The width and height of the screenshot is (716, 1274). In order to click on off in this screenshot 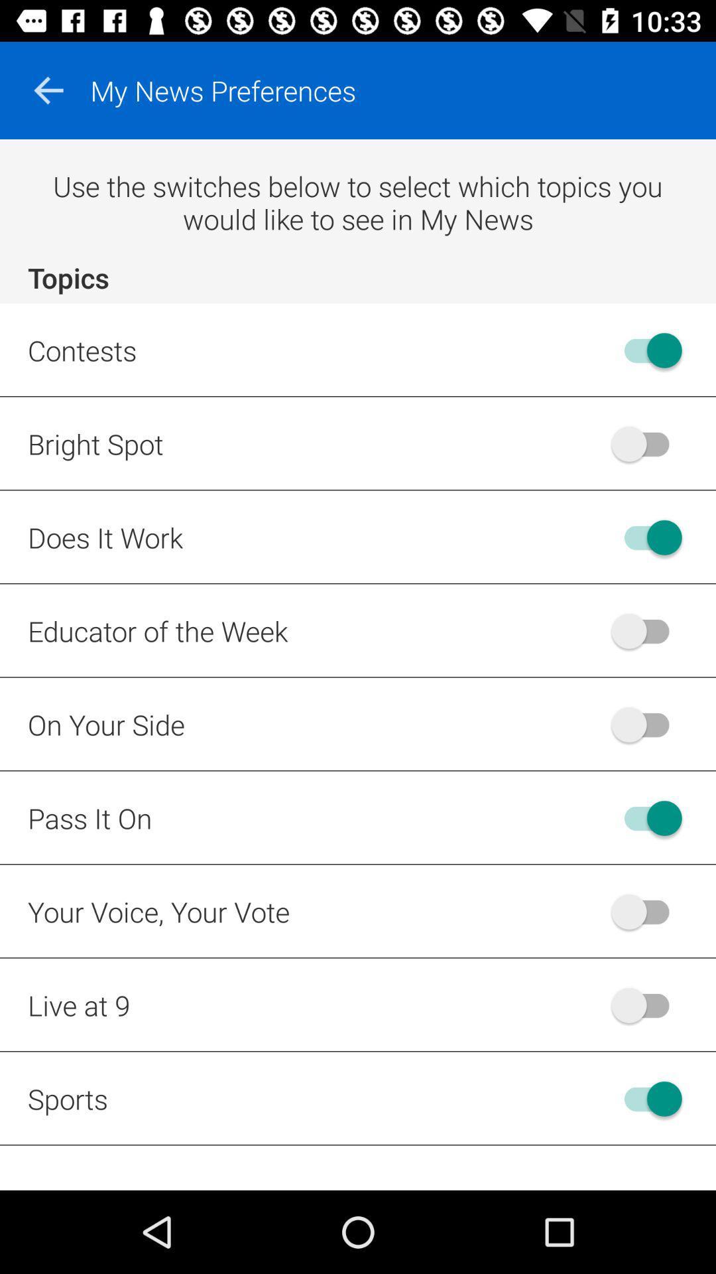, I will do `click(646, 443)`.